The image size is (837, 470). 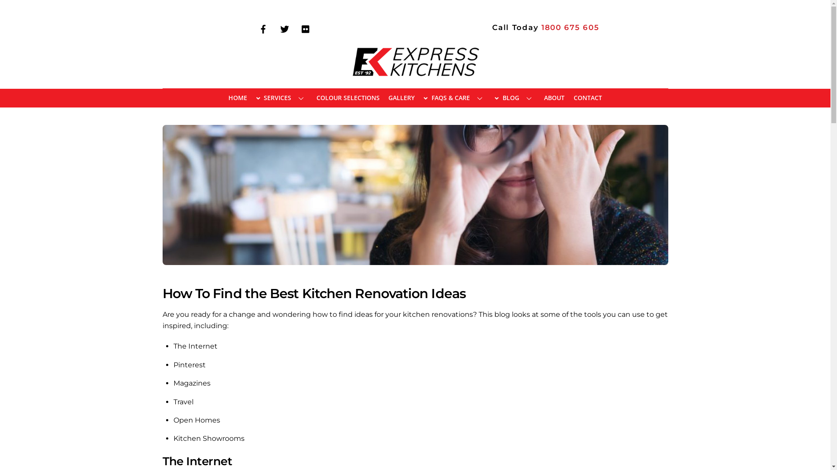 What do you see at coordinates (554, 97) in the screenshot?
I see `'ABOUT'` at bounding box center [554, 97].